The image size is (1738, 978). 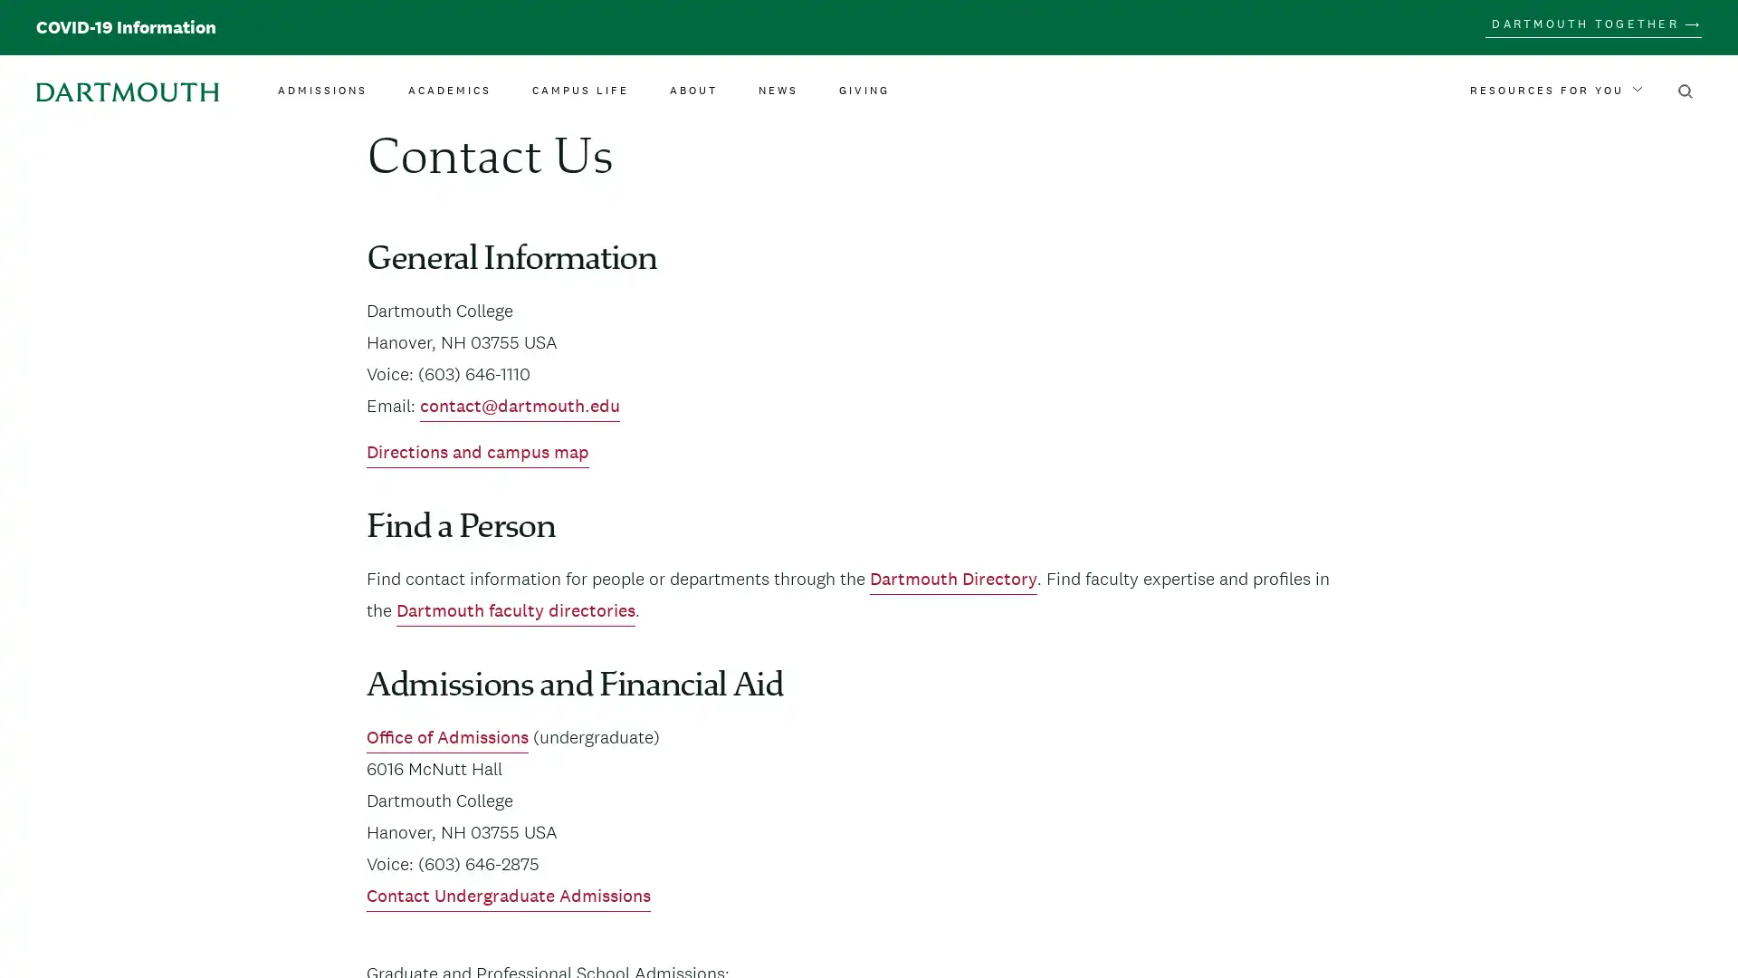 I want to click on Search, so click(x=1685, y=91).